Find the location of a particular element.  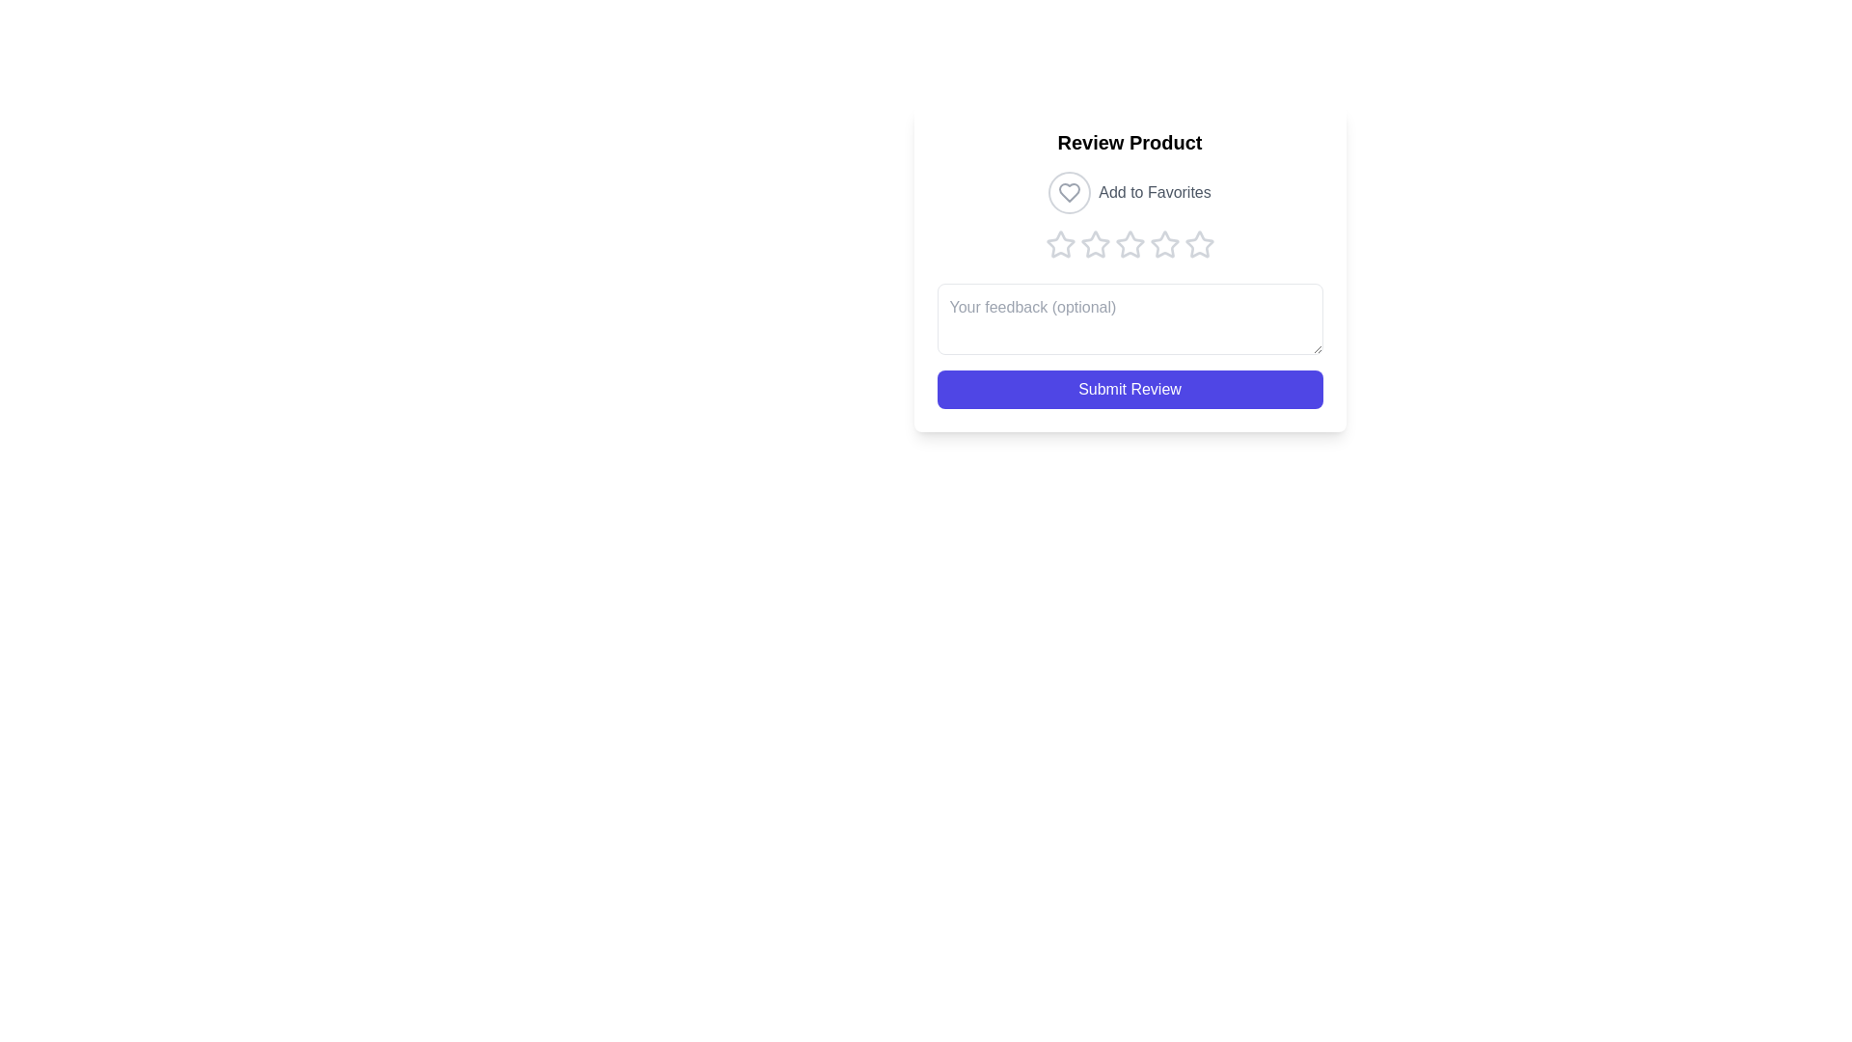

the 'Add to Favorites' button is located at coordinates (1130, 193).